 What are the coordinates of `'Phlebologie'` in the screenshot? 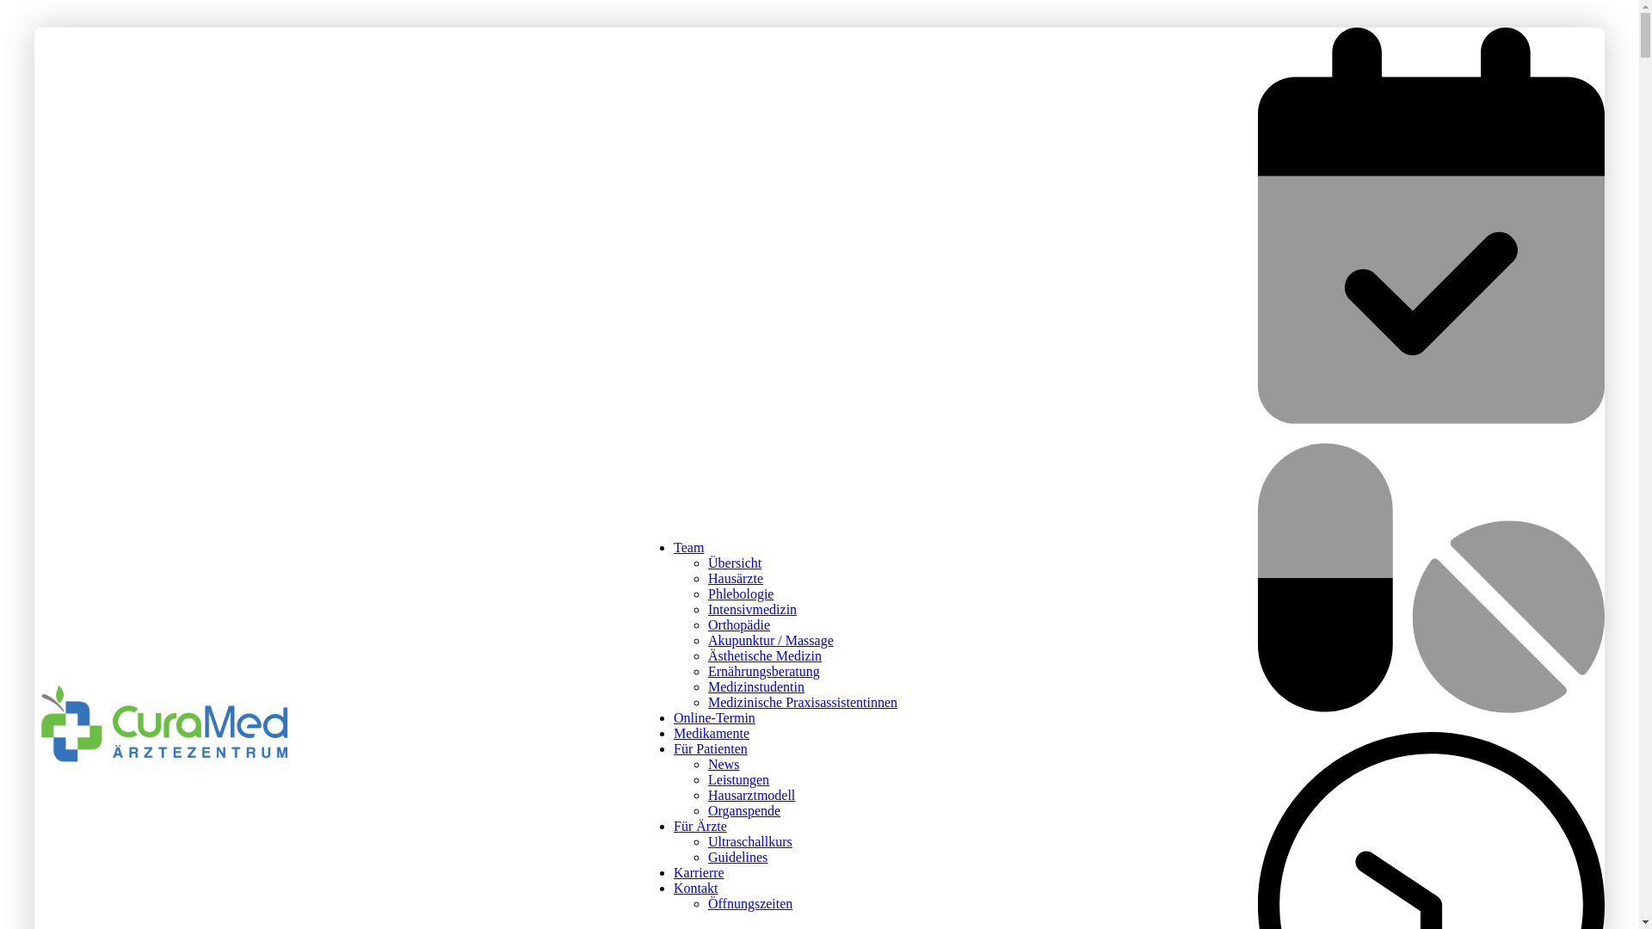 It's located at (740, 593).